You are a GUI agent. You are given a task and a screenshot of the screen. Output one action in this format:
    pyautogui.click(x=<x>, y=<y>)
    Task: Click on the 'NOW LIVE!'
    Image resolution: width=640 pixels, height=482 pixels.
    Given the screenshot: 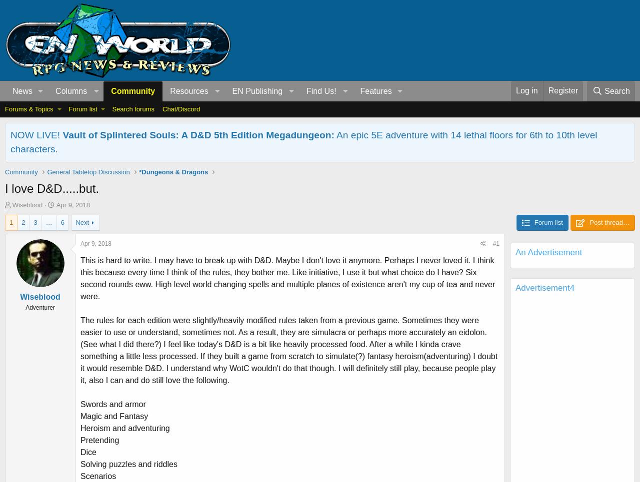 What is the action you would take?
    pyautogui.click(x=36, y=134)
    